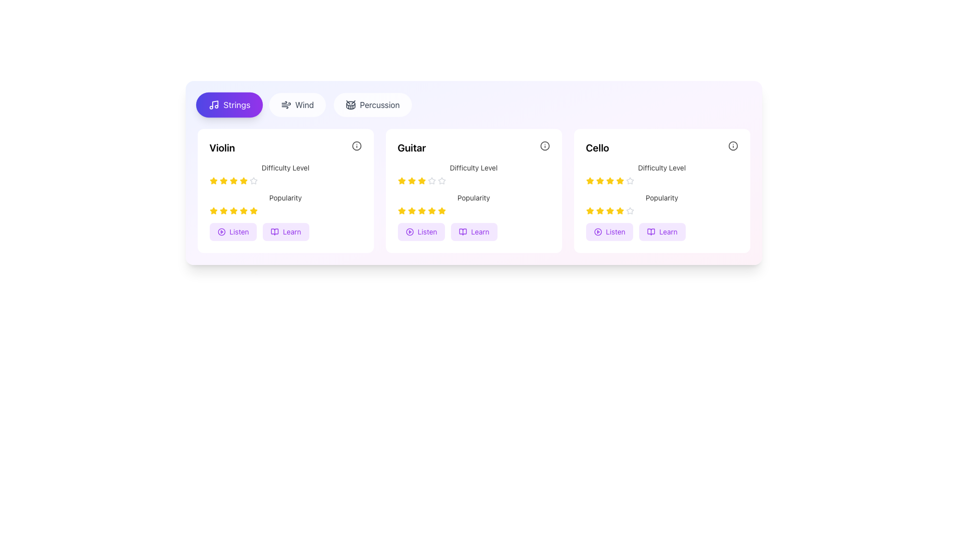 Image resolution: width=961 pixels, height=540 pixels. Describe the element at coordinates (421, 231) in the screenshot. I see `the first button in the 'Guitar' section` at that location.